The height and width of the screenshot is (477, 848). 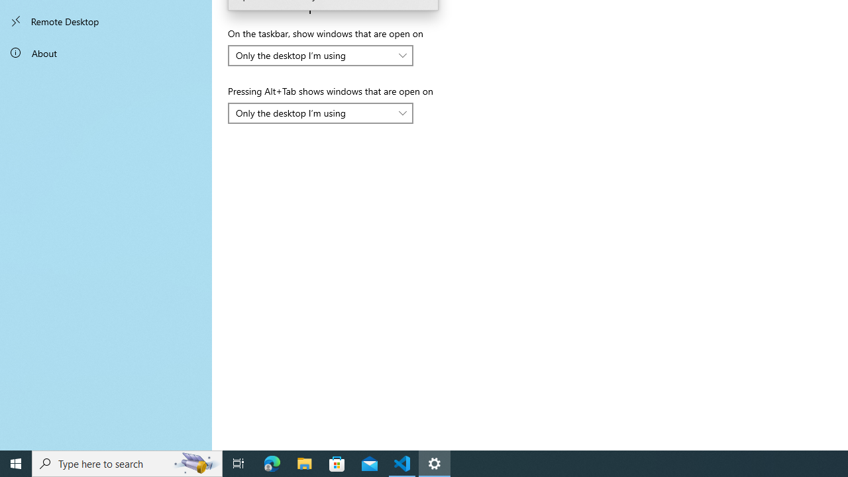 I want to click on 'Type here to search', so click(x=127, y=462).